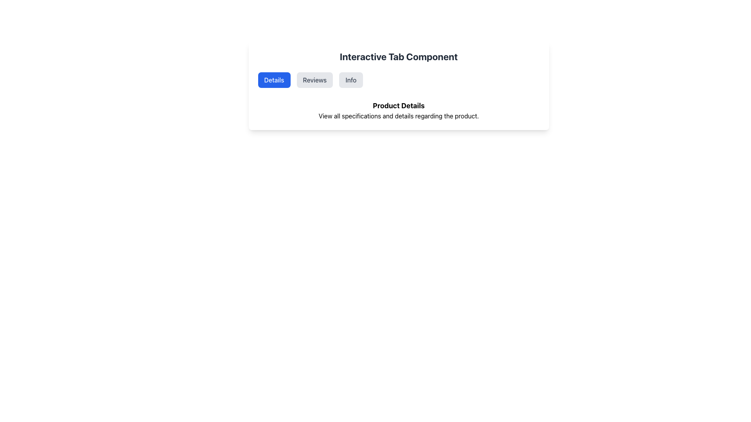  Describe the element at coordinates (350, 80) in the screenshot. I see `the 'Info' button, which is the third button in a row of three buttons, styled with a light gray background and dark gray text` at that location.